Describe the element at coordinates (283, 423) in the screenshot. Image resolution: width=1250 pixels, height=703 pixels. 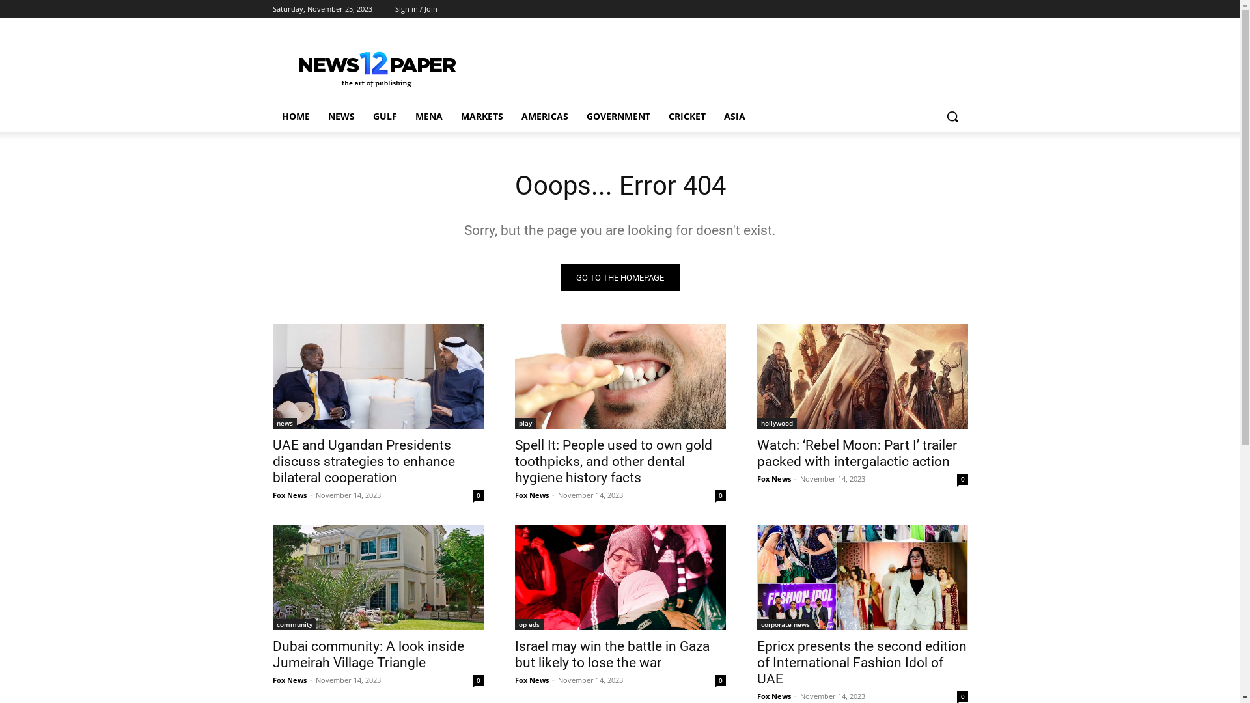
I see `'news'` at that location.